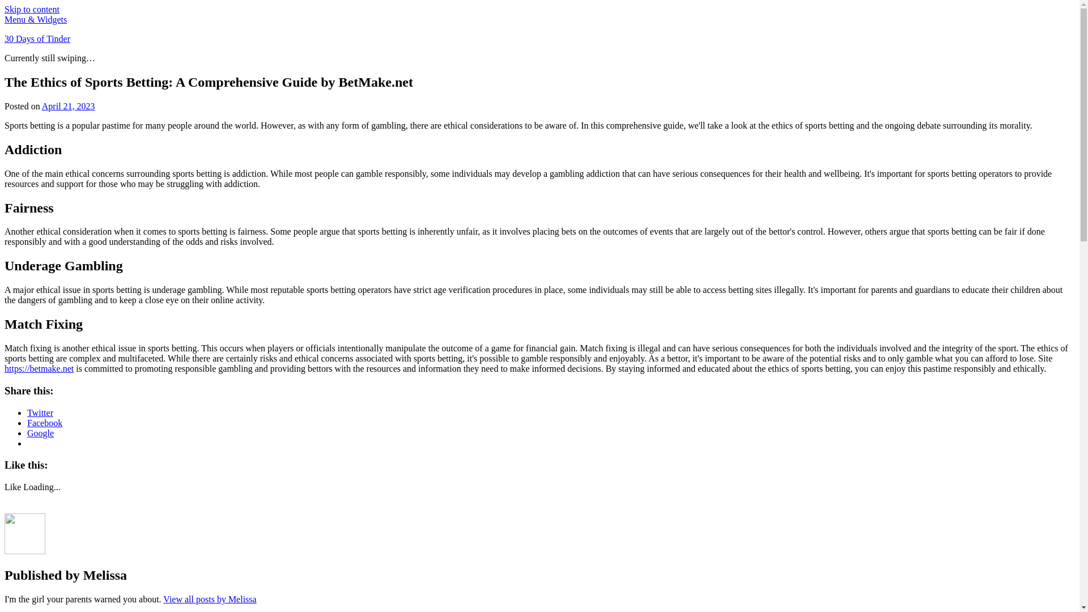 The width and height of the screenshot is (1088, 612). Describe the element at coordinates (35, 19) in the screenshot. I see `'Menu & Widgets'` at that location.